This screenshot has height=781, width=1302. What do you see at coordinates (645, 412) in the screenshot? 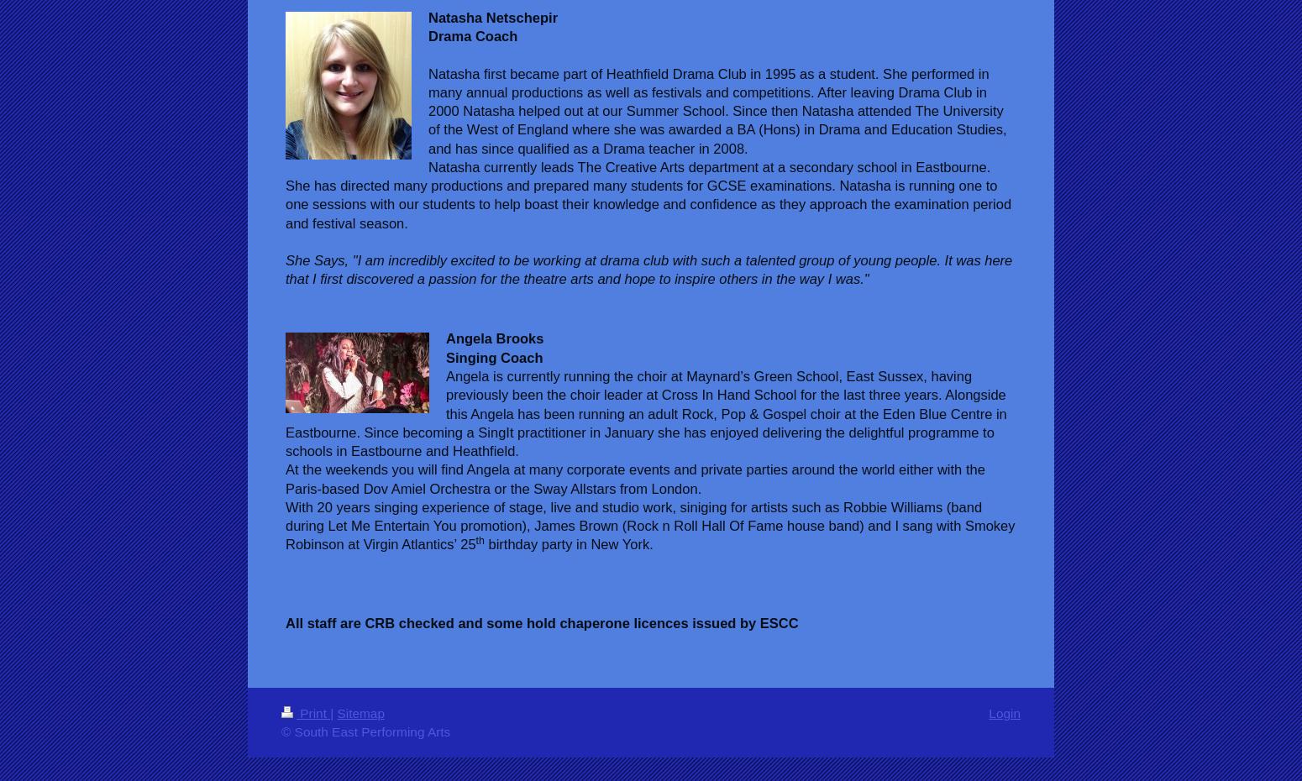
I see `'Angela is currently running the choir at Maynard’s Green School, East Sussex, having previously been the choir leader at Cross In Hand School for the last three years. Alongside this Angela has
been running an adult Rock, Pop & Gospel choir at the Eden Blue Centre in Eastbourne. Since becoming a SingIt practitioner in January she has enjoyed delivering the delightful programme to
schools in Eastbourne and Heathfield.'` at bounding box center [645, 412].